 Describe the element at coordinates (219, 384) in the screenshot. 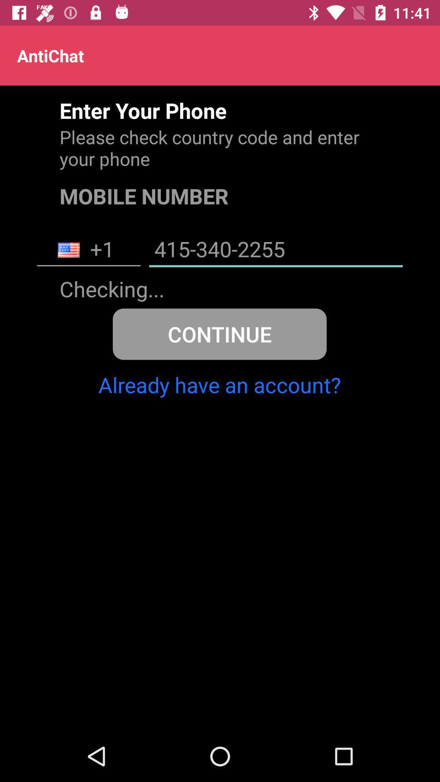

I see `the item below the continue item` at that location.